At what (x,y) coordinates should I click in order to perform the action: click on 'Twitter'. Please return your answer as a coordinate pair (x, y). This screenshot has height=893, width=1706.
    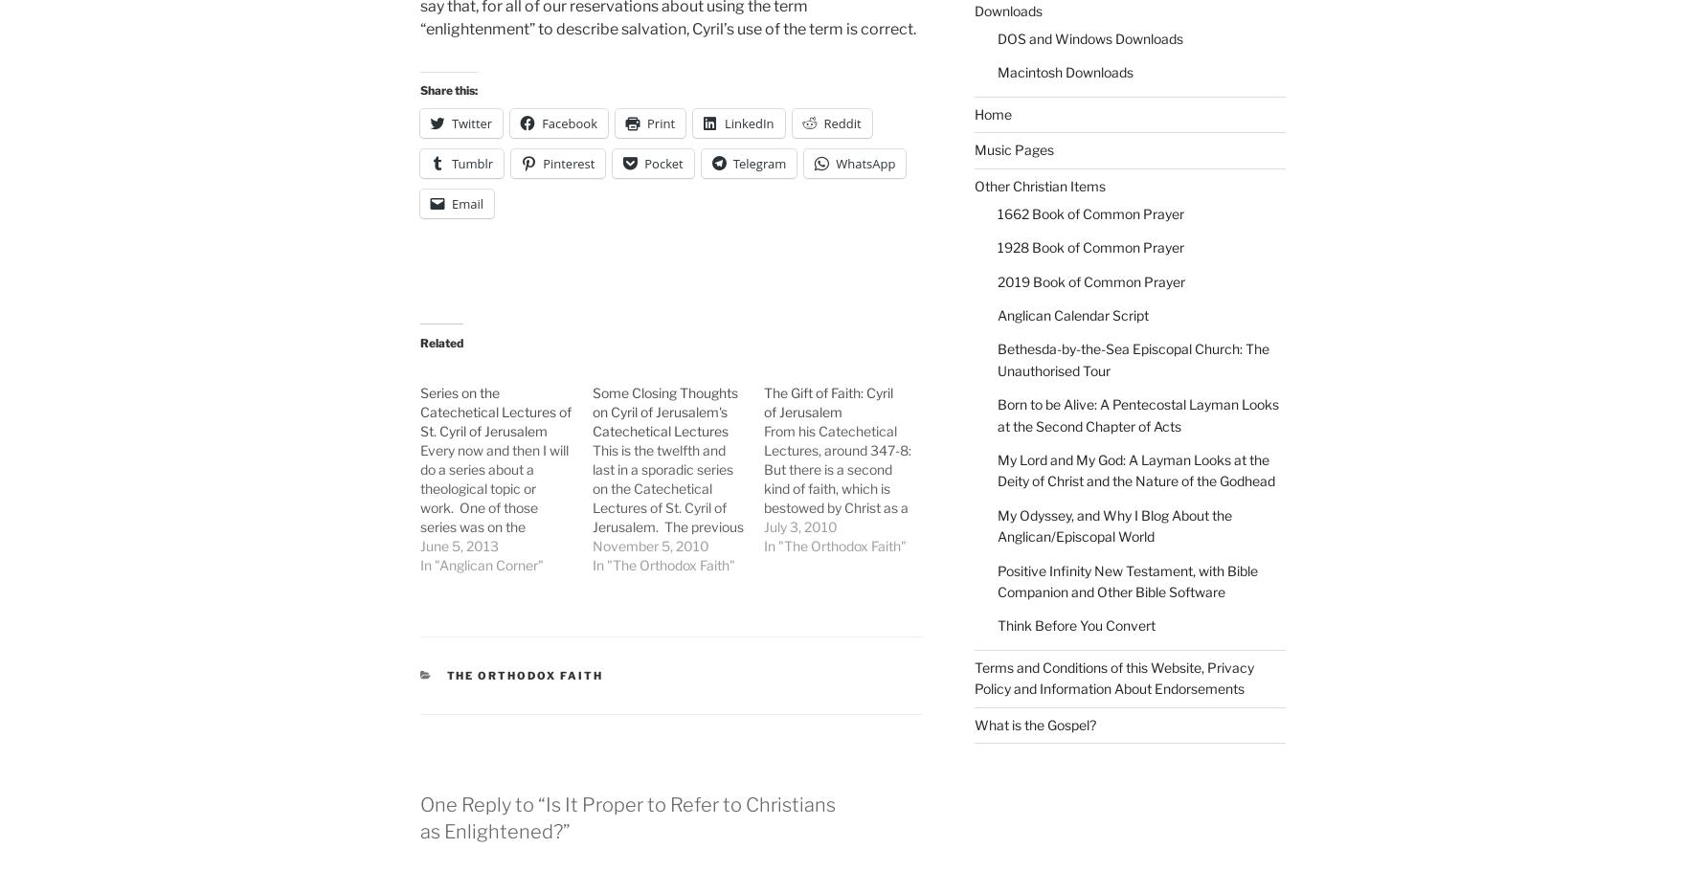
    Looking at the image, I should click on (471, 122).